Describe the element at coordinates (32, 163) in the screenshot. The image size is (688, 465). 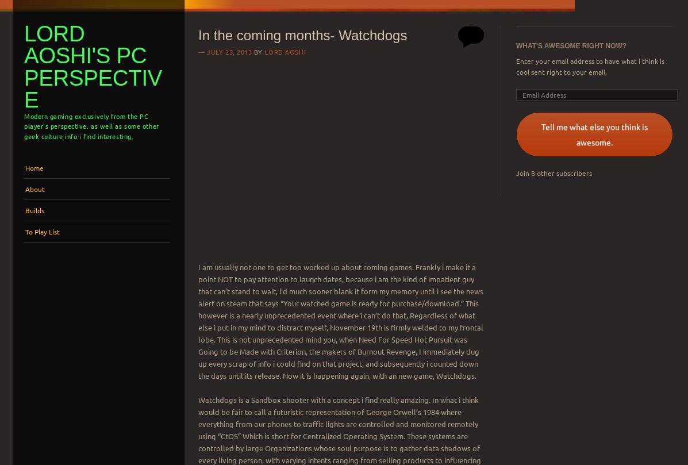
I see `'Menu'` at that location.